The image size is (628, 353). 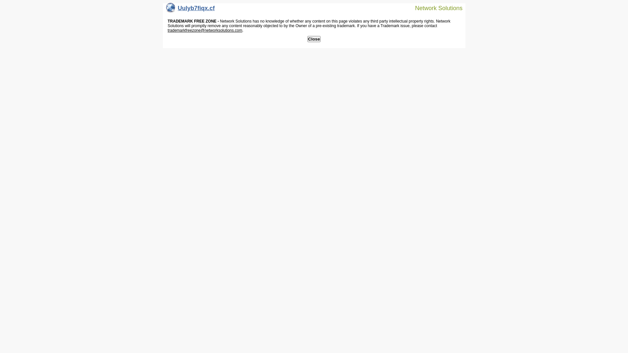 I want to click on 'Close', so click(x=307, y=39).